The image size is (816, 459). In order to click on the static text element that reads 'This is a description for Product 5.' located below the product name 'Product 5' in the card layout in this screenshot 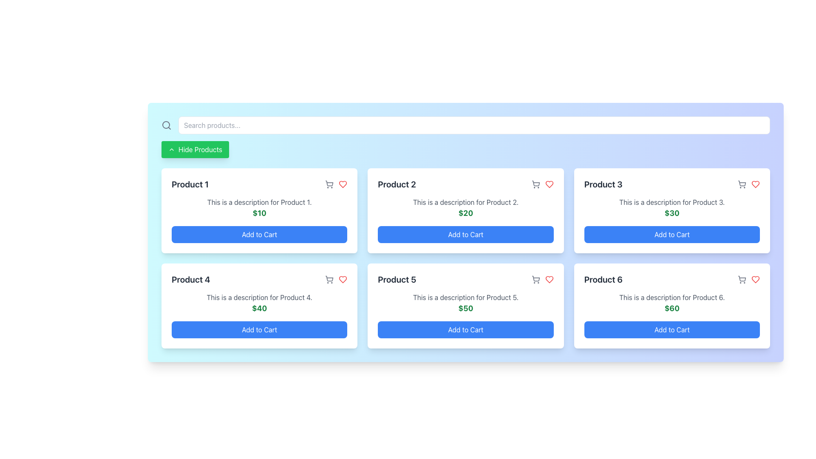, I will do `click(465, 297)`.